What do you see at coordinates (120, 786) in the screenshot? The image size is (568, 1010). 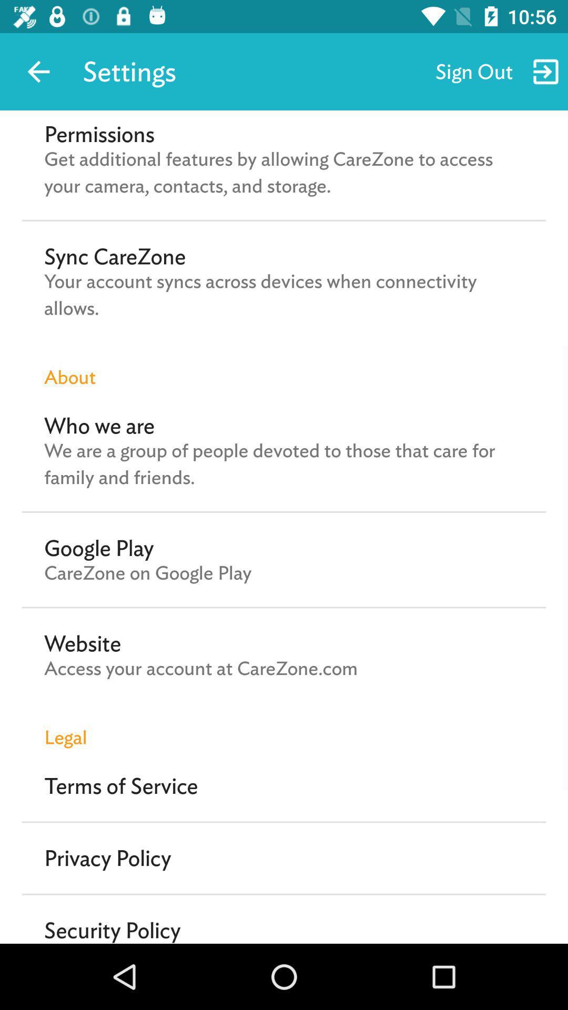 I see `icon below the legal` at bounding box center [120, 786].